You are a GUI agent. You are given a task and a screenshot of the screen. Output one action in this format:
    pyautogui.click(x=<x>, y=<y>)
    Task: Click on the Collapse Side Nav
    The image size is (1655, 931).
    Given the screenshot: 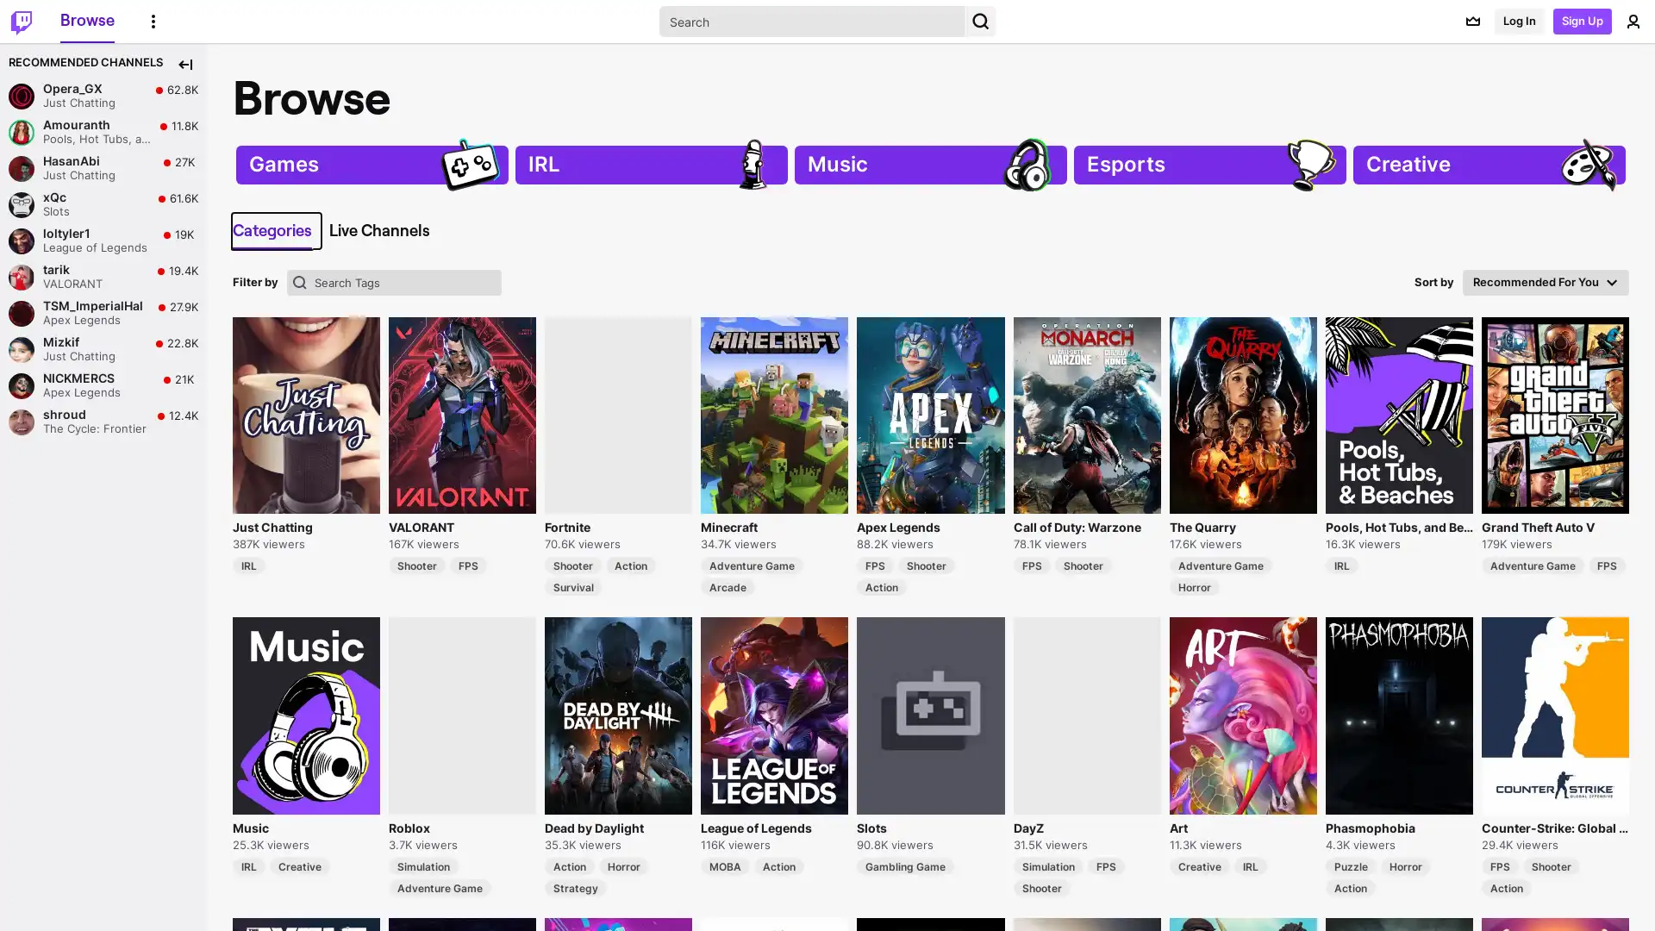 What is the action you would take?
    pyautogui.click(x=185, y=63)
    